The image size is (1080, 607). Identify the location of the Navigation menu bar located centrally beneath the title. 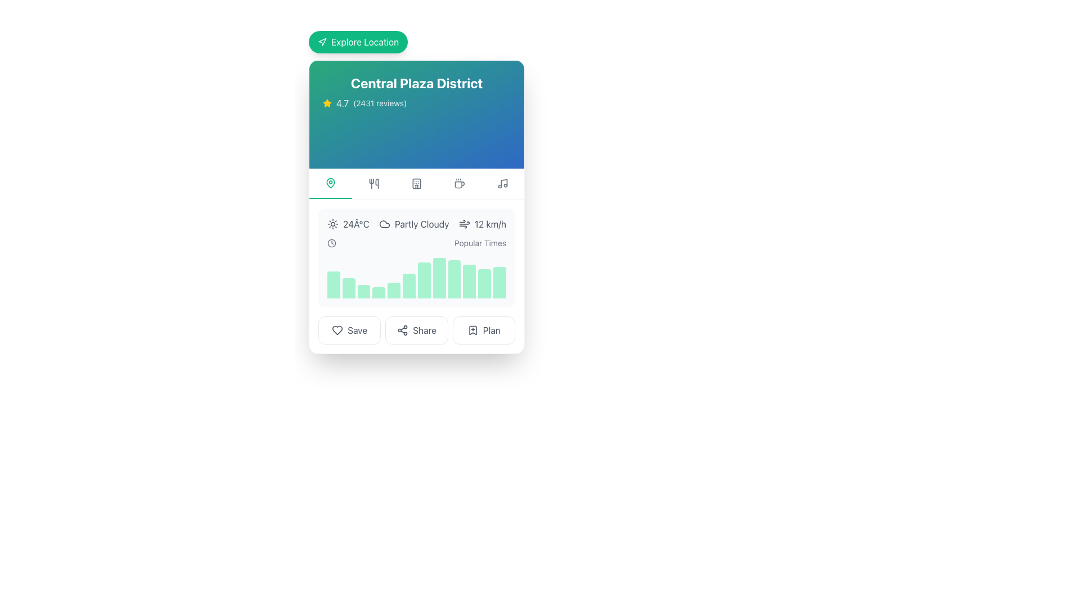
(416, 183).